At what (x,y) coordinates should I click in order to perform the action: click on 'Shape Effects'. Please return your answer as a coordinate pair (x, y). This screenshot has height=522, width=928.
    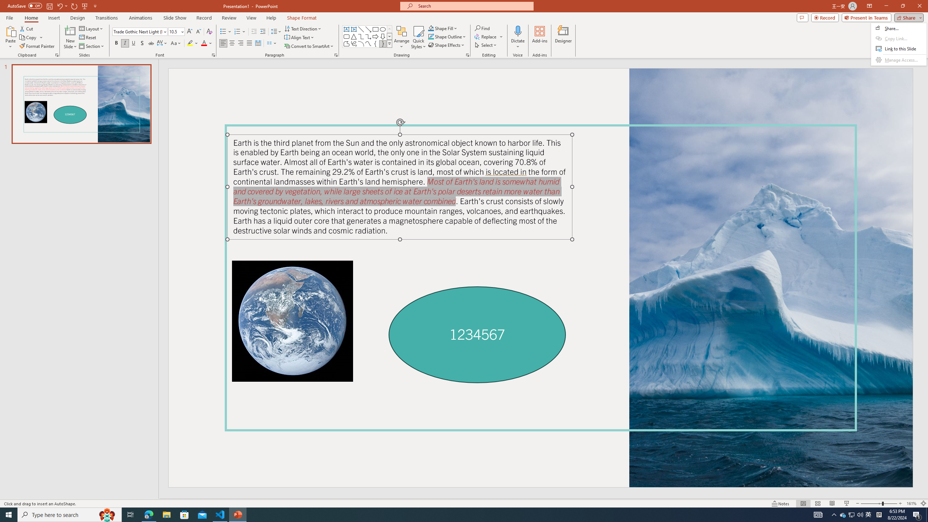
    Looking at the image, I should click on (446, 44).